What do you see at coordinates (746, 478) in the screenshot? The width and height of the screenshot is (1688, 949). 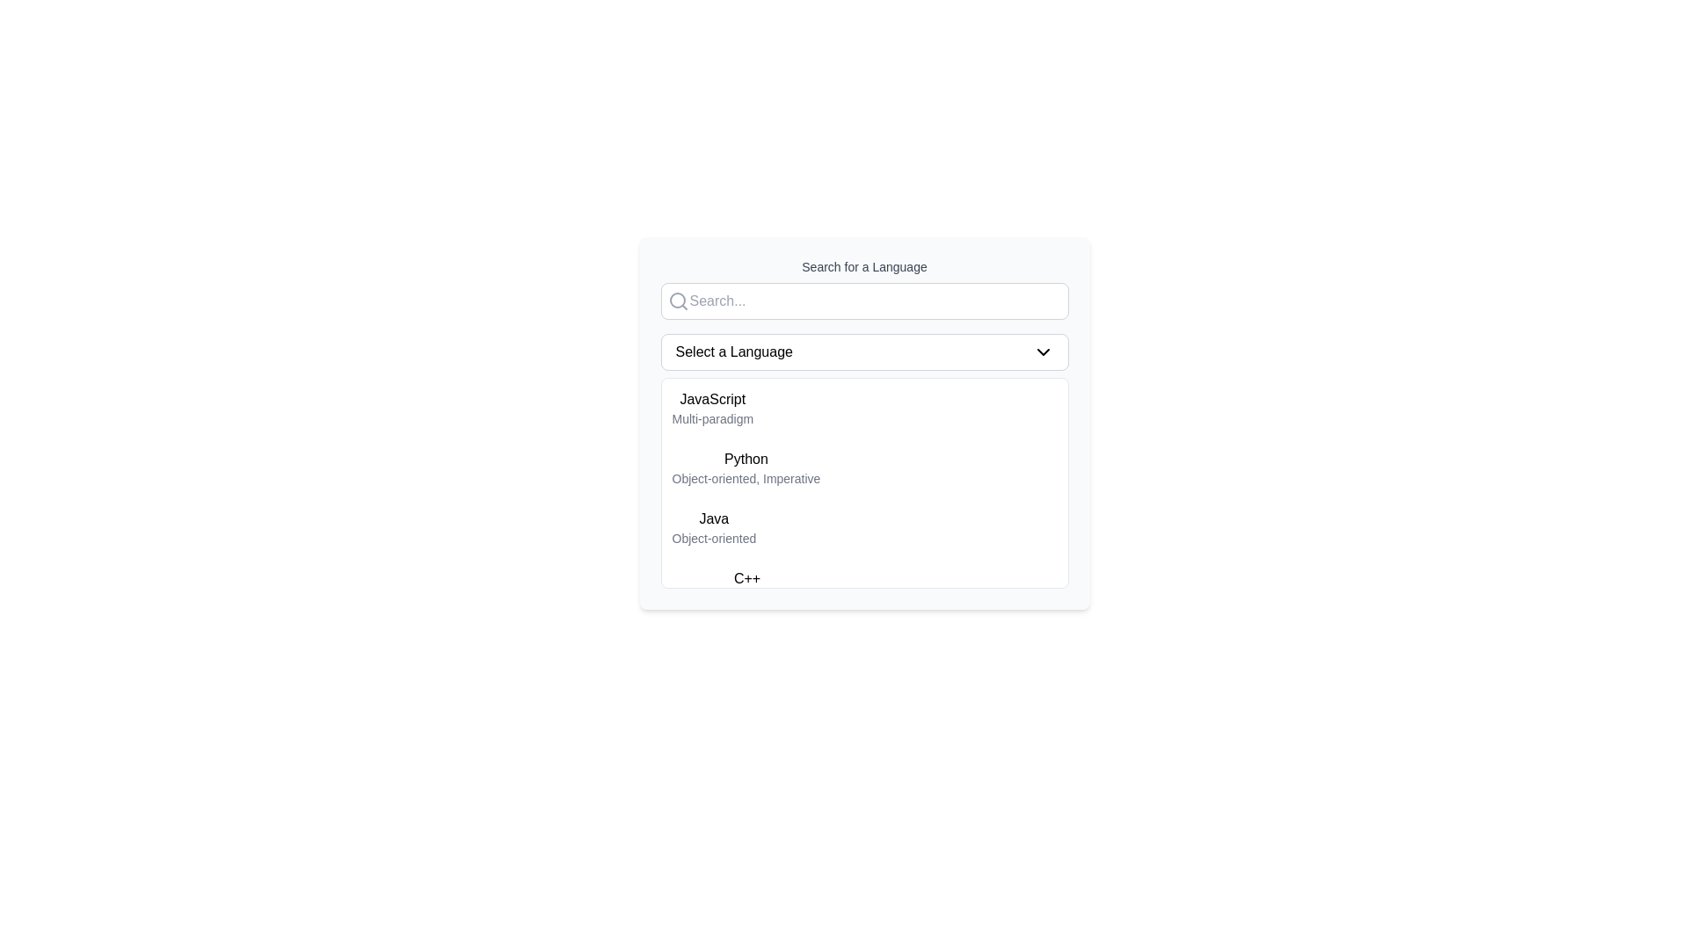 I see `the informational Text label about programming paradigms supported by Python, located below the 'Python' text in the language selection dropdown` at bounding box center [746, 478].